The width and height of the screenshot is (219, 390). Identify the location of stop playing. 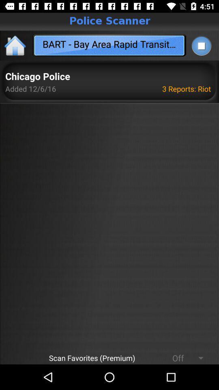
(201, 45).